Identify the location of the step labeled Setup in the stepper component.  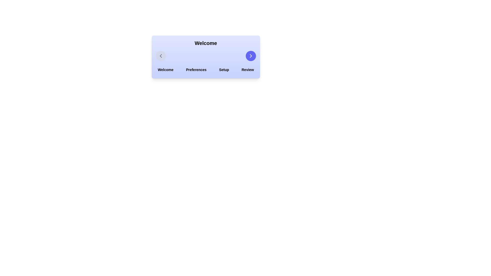
(224, 70).